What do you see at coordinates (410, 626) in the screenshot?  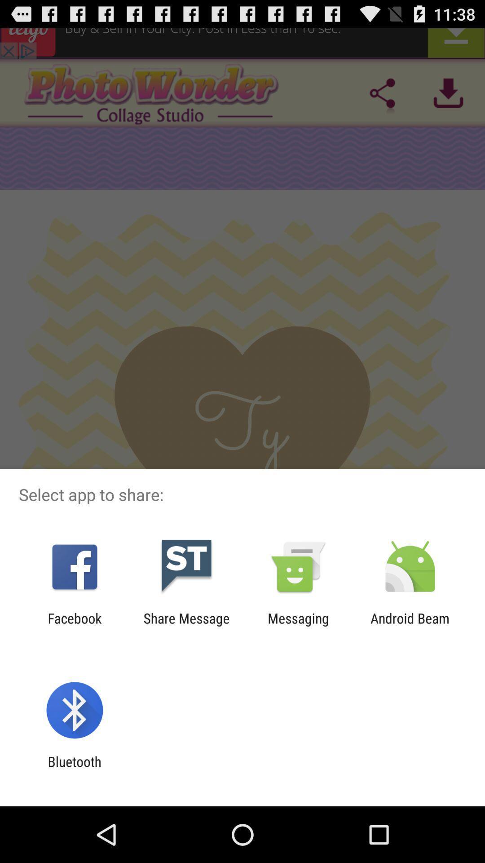 I see `android beam item` at bounding box center [410, 626].